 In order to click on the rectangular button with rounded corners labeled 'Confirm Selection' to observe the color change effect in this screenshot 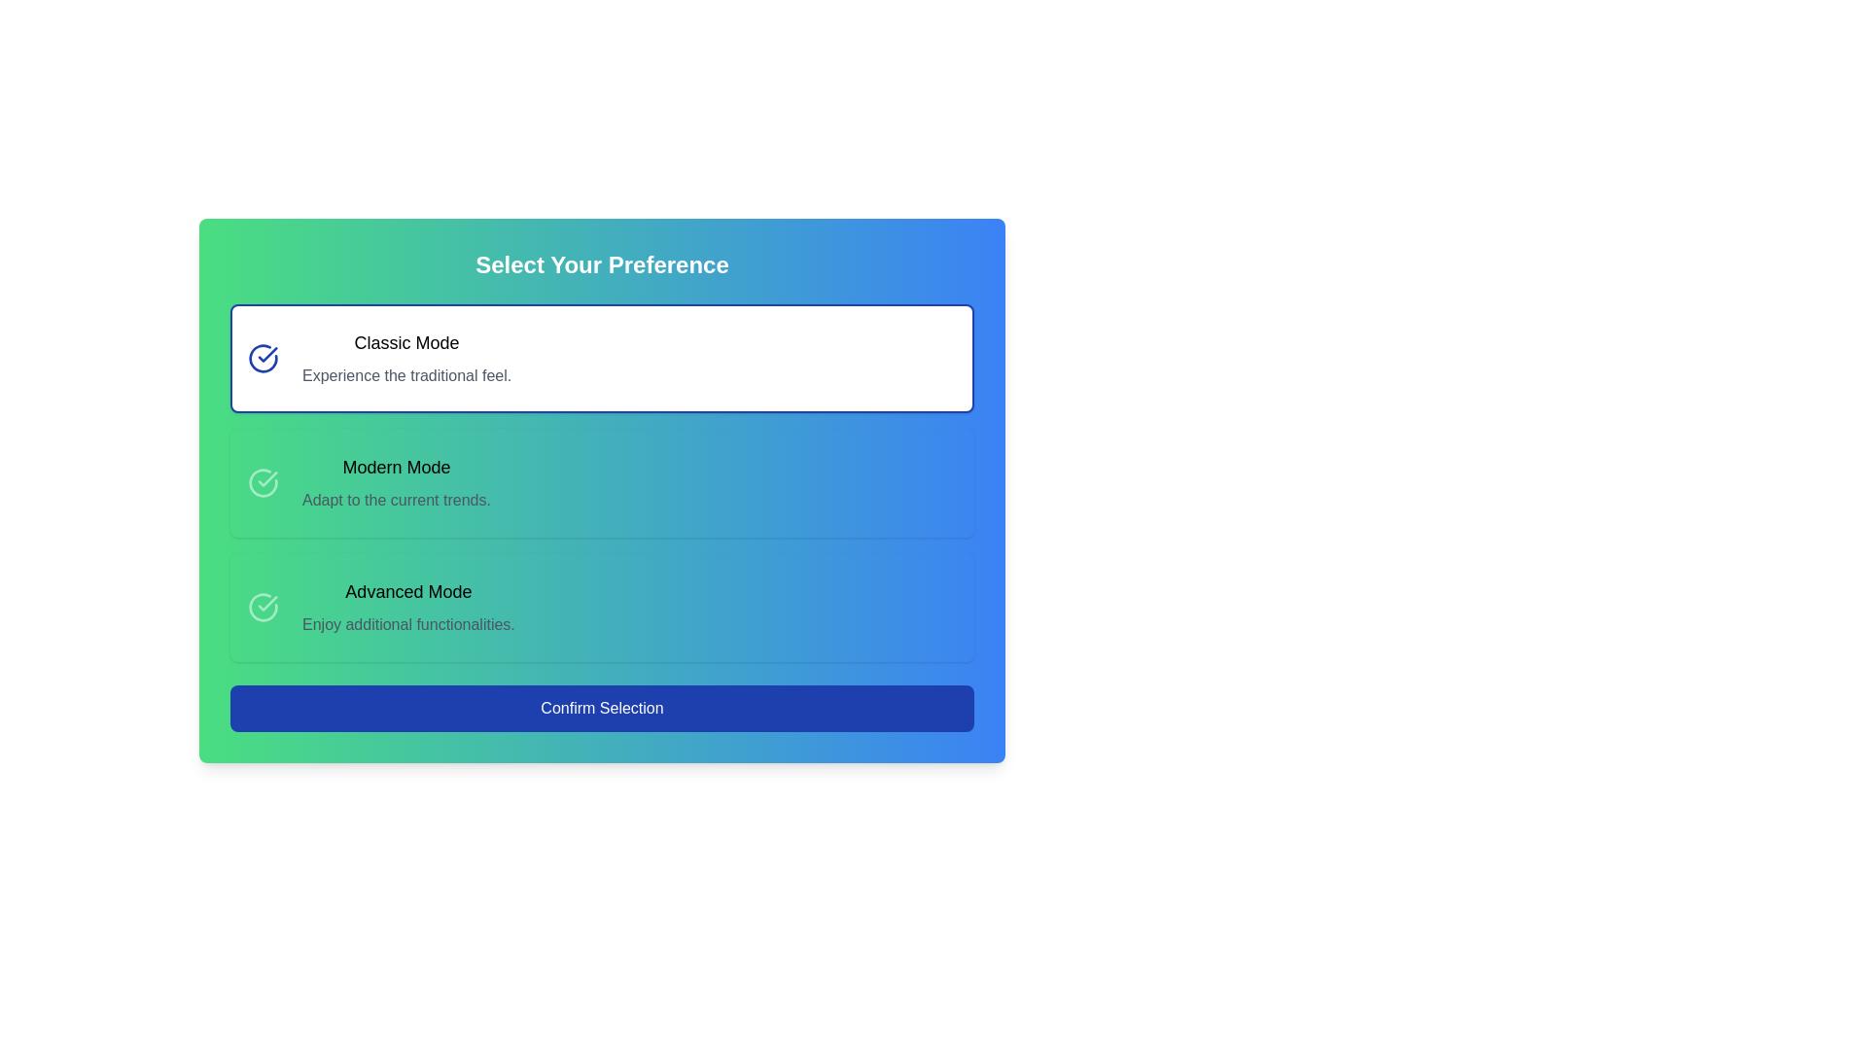, I will do `click(601, 709)`.